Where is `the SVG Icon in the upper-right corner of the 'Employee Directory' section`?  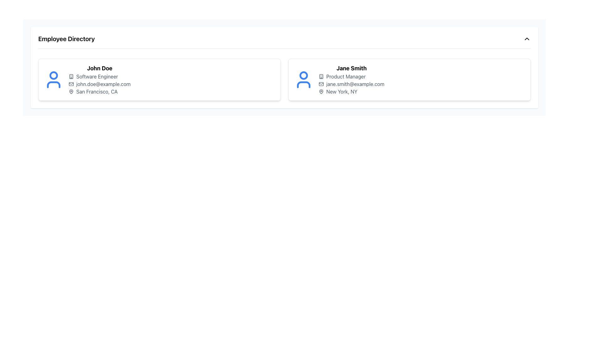 the SVG Icon in the upper-right corner of the 'Employee Directory' section is located at coordinates (527, 39).